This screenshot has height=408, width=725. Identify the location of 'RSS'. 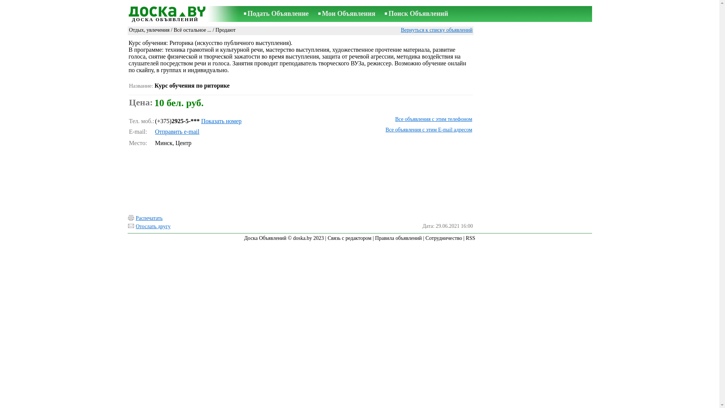
(470, 238).